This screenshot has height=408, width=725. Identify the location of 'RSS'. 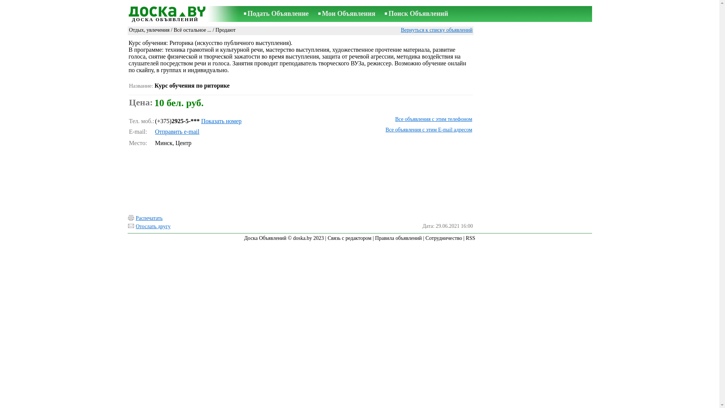
(470, 238).